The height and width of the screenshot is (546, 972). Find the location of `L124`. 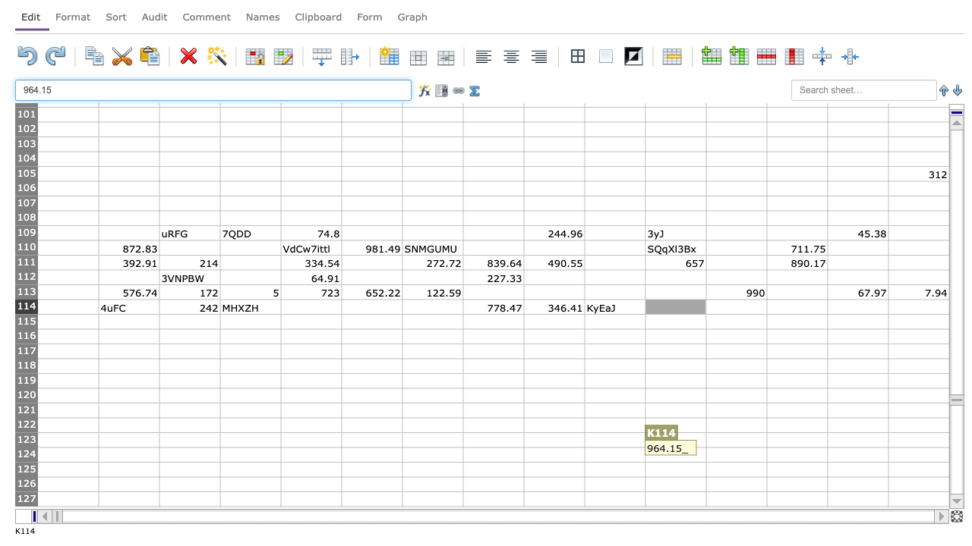

L124 is located at coordinates (736, 453).